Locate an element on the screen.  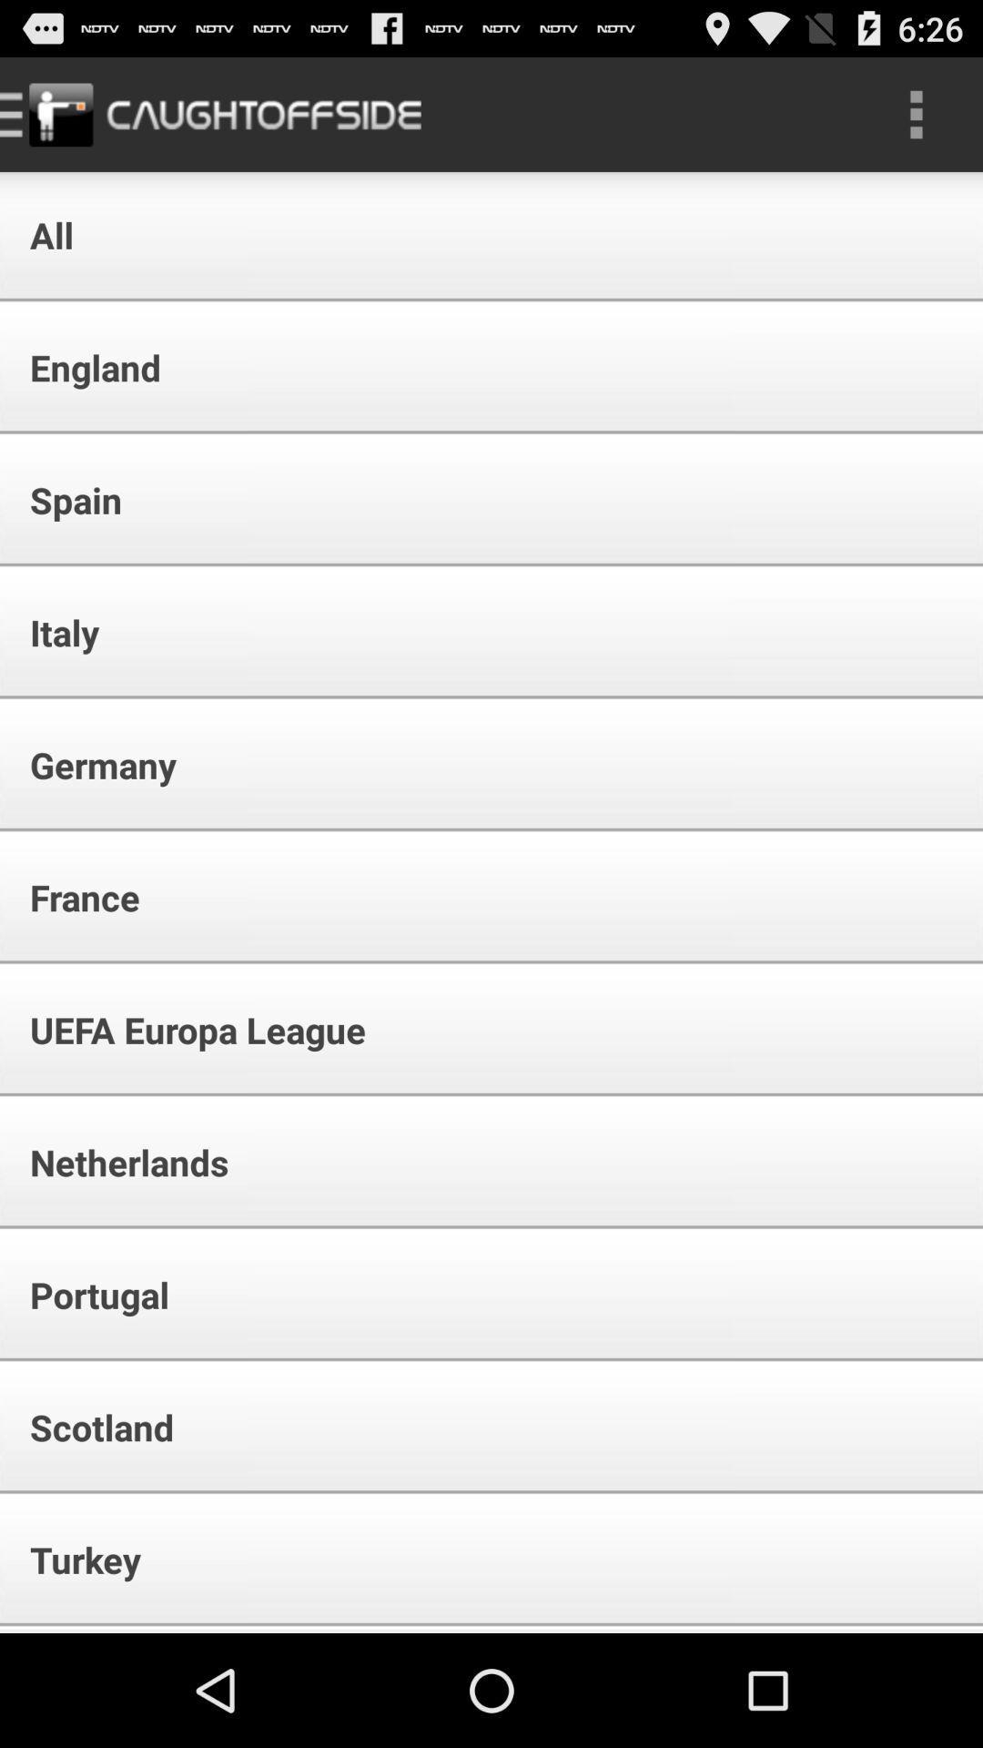
app below the spain item is located at coordinates (52, 632).